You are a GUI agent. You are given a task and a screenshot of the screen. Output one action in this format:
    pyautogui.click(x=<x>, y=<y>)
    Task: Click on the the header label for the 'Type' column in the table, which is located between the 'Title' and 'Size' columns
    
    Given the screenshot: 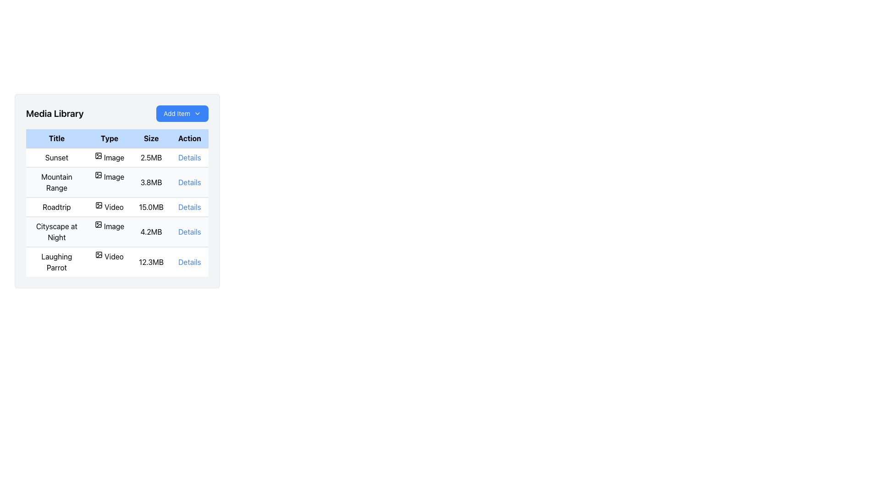 What is the action you would take?
    pyautogui.click(x=110, y=138)
    